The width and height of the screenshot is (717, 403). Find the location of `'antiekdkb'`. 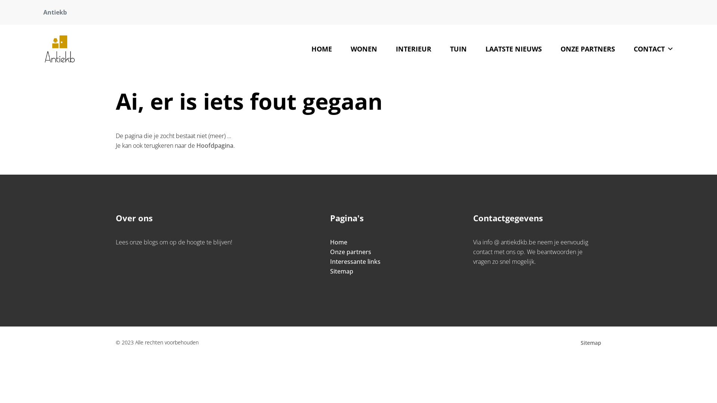

'antiekdkb' is located at coordinates (59, 49).